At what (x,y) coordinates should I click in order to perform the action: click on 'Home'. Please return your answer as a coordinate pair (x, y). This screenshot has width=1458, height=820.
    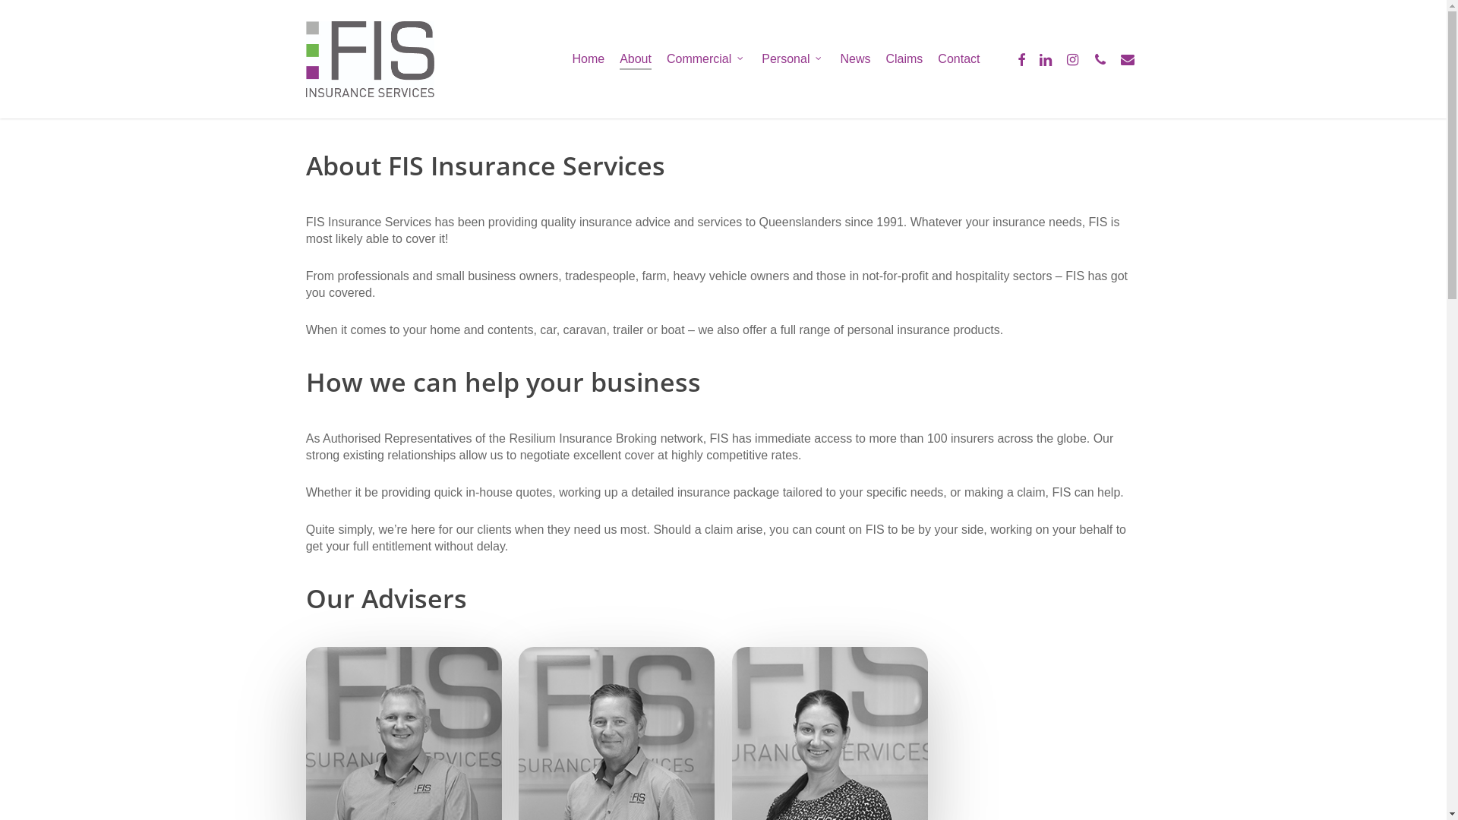
    Looking at the image, I should click on (571, 58).